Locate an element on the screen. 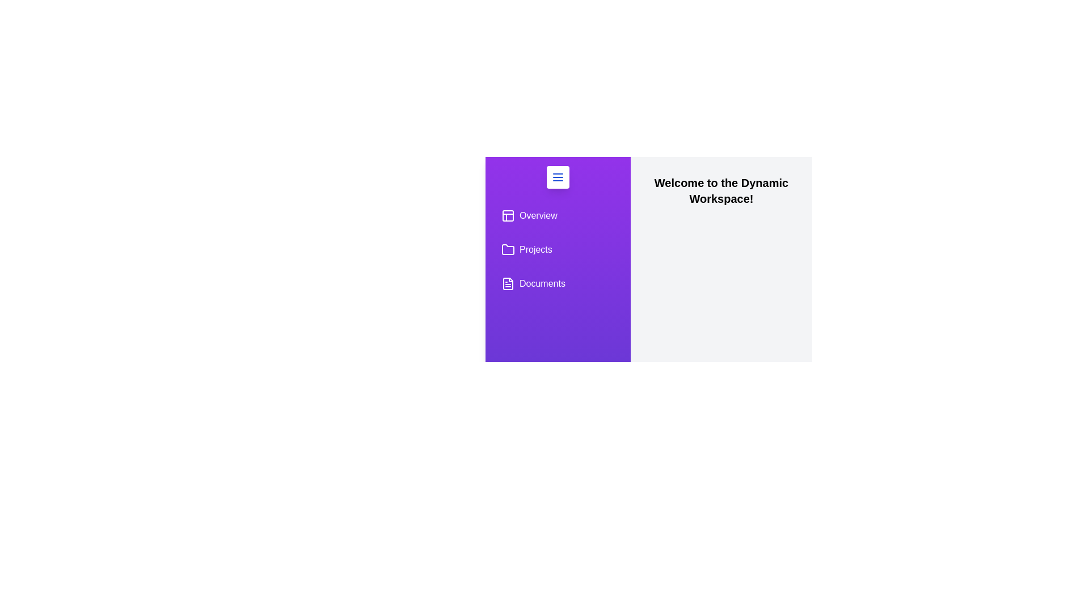 The height and width of the screenshot is (612, 1089). the menu button to toggle the sidebar's expanded state is located at coordinates (558, 177).